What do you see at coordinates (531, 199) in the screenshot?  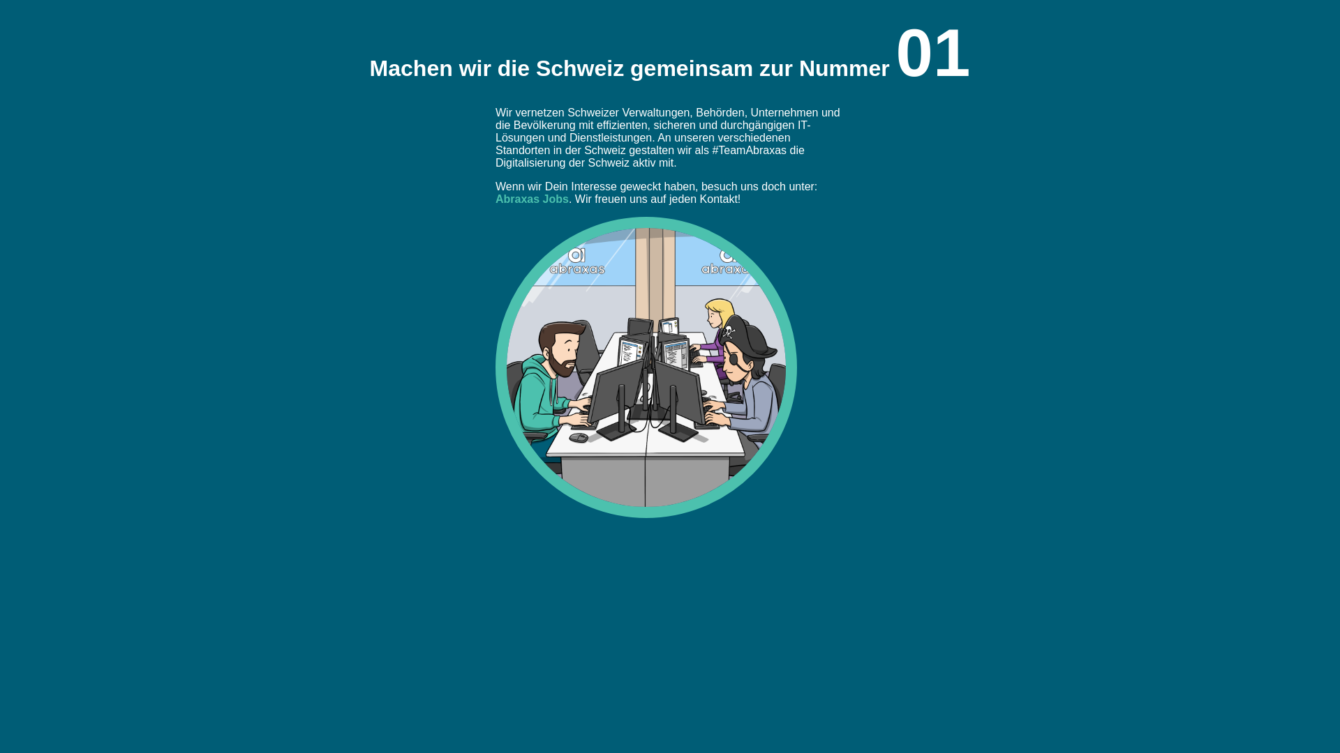 I see `'Abraxas Jobs'` at bounding box center [531, 199].